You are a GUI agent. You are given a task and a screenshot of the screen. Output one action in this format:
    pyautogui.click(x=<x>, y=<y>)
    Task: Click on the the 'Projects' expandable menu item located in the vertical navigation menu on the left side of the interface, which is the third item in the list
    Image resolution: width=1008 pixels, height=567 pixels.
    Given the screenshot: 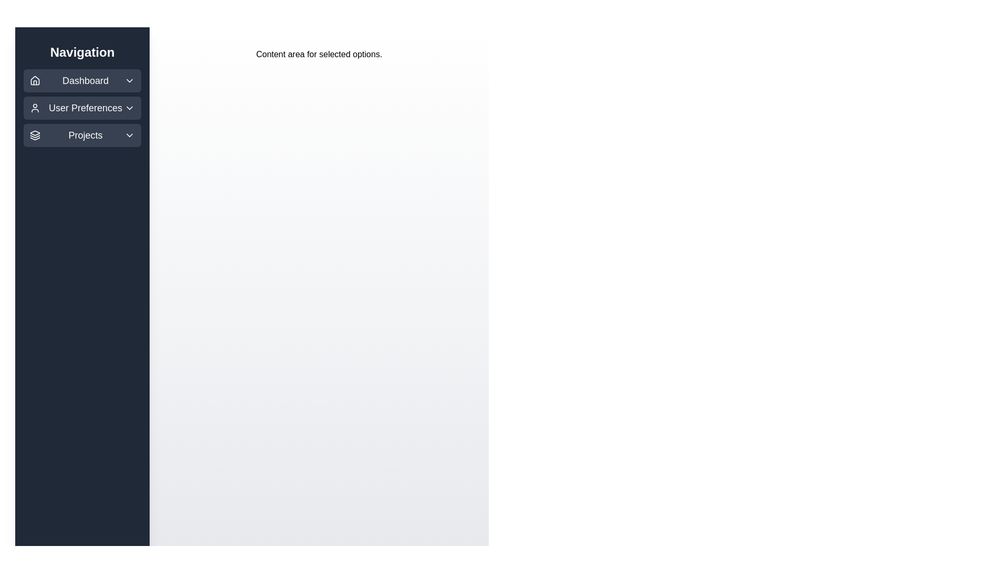 What is the action you would take?
    pyautogui.click(x=82, y=135)
    